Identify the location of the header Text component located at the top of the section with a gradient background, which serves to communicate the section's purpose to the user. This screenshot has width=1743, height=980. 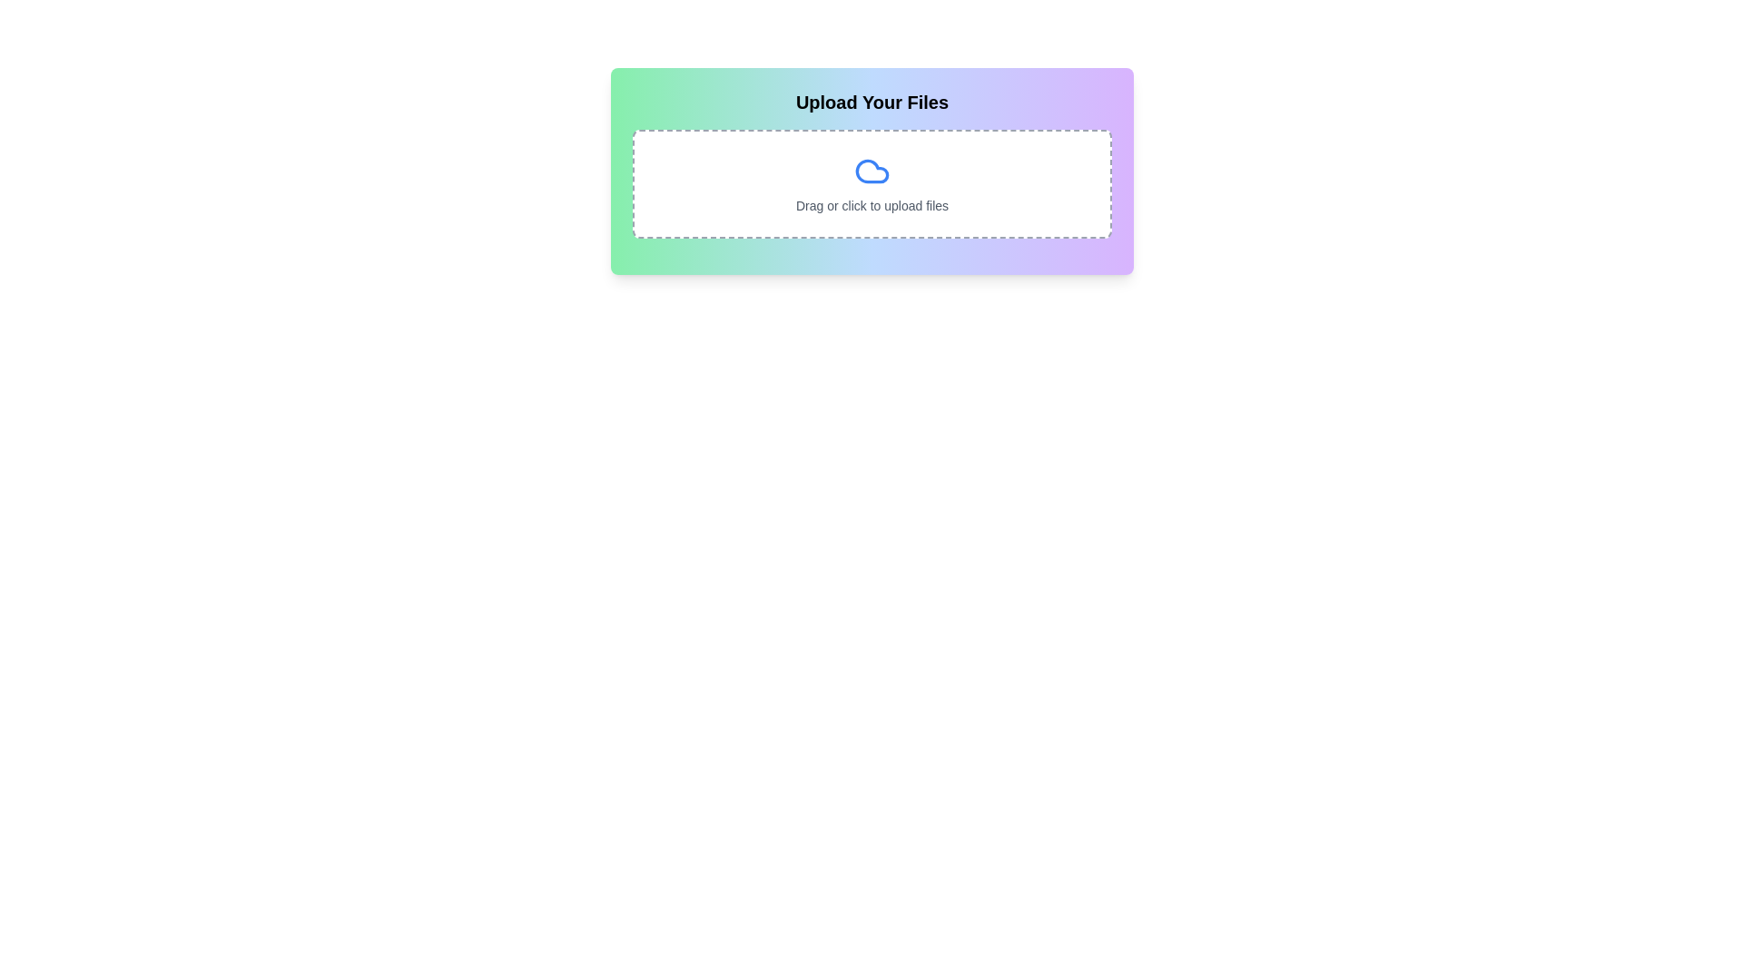
(871, 102).